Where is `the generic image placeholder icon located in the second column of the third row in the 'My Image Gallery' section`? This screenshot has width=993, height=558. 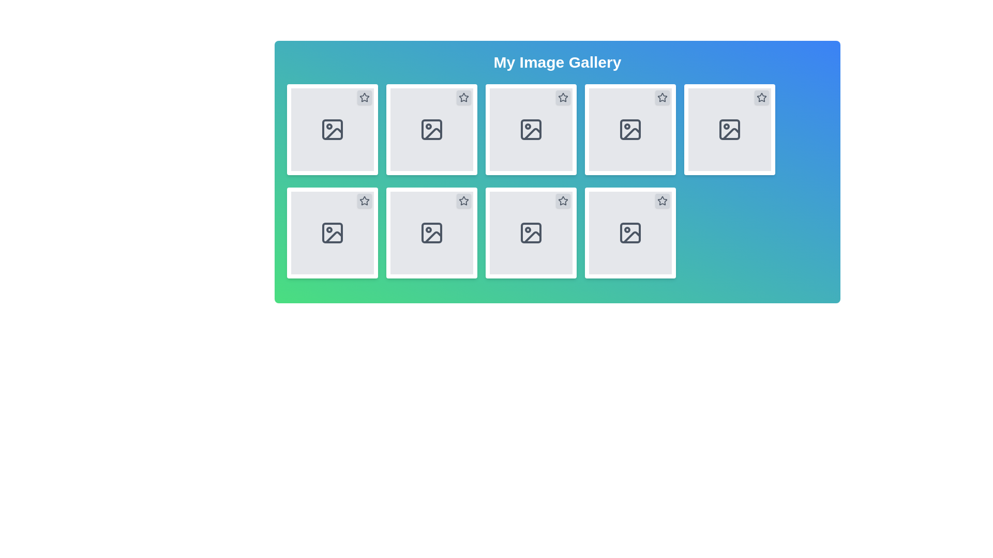 the generic image placeholder icon located in the second column of the third row in the 'My Image Gallery' section is located at coordinates (531, 233).